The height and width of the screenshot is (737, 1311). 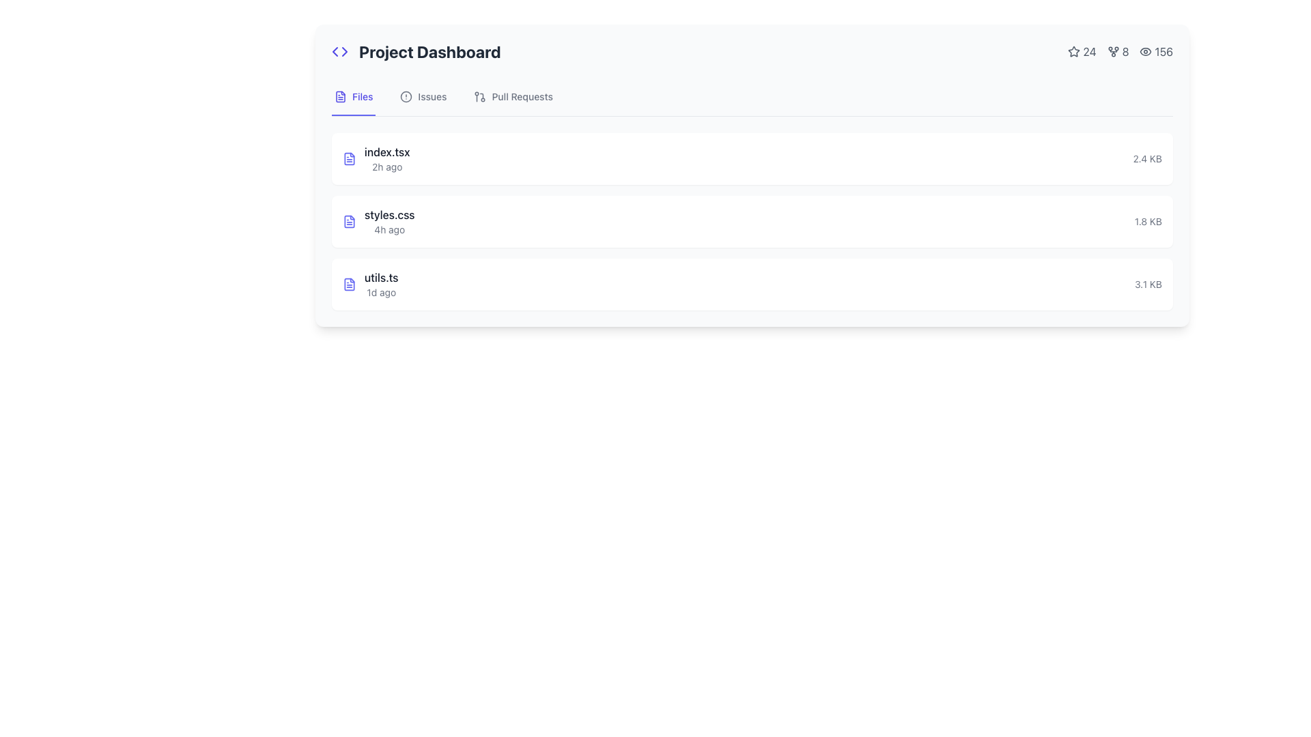 I want to click on numeral '8' displayed in a standard sans-serif font style located at the top-right corner of the page, right next to the branch icon in the toolbar, so click(x=1125, y=51).